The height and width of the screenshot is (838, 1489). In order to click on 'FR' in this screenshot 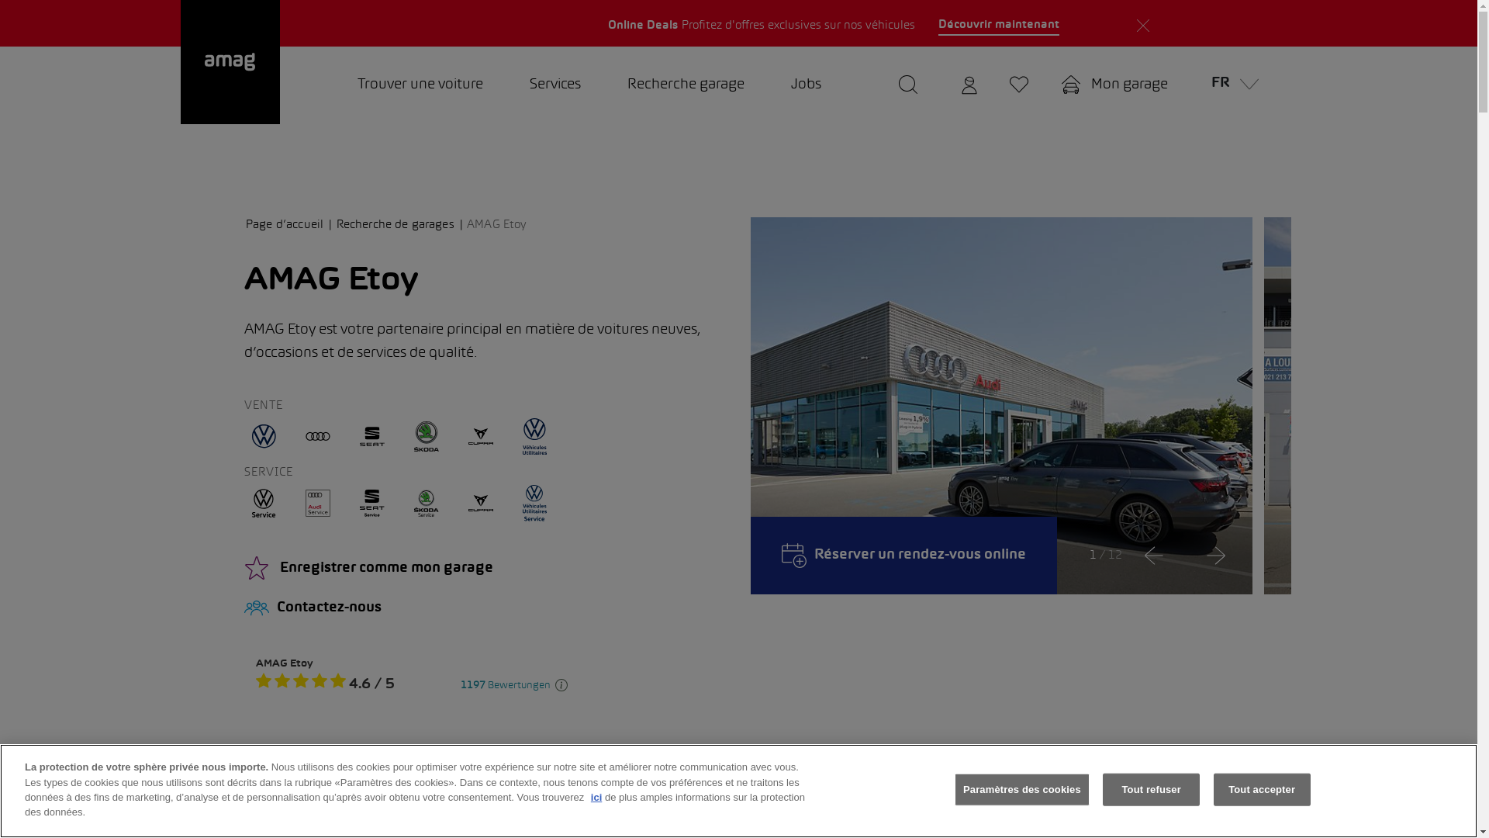, I will do `click(1229, 85)`.